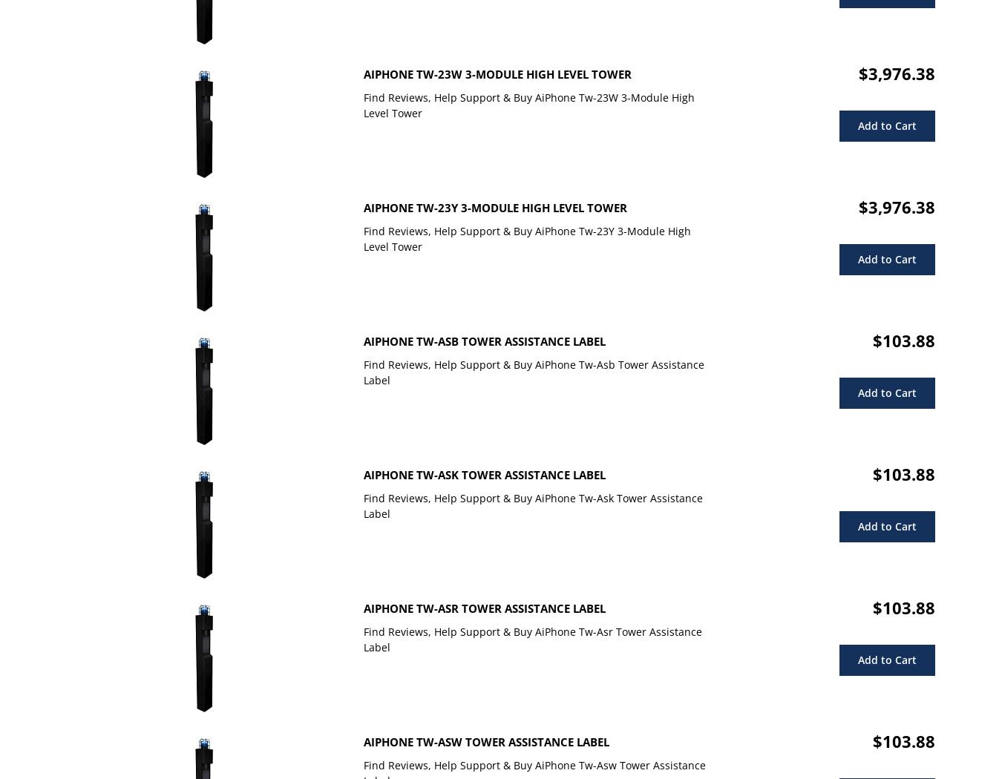 The width and height of the screenshot is (1002, 779). I want to click on 'AiPhone Tw-23W 3-Module High Level Tower', so click(497, 73).